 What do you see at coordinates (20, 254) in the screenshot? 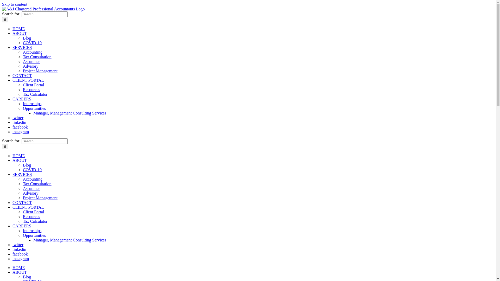
I see `'facebook'` at bounding box center [20, 254].